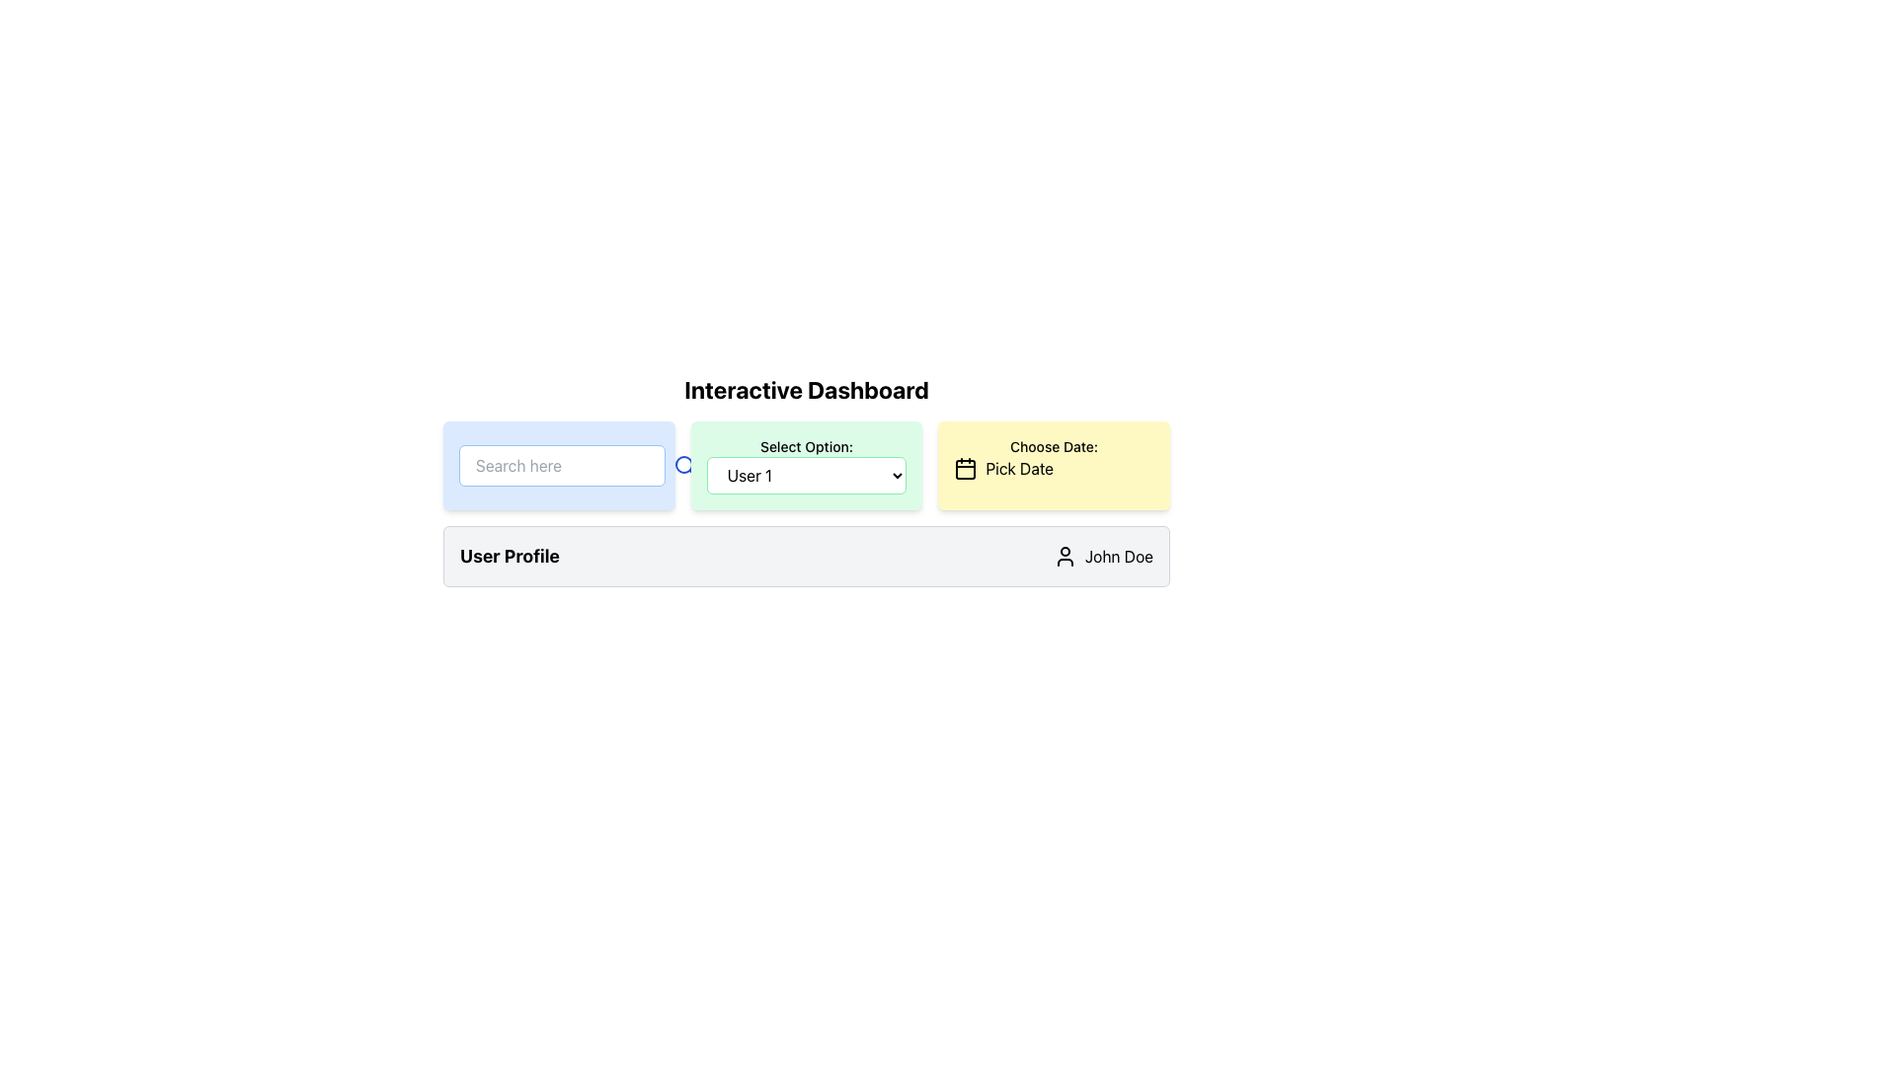 The image size is (1896, 1066). Describe the element at coordinates (685, 465) in the screenshot. I see `the search button located directly to the right of the 'Search here' input field` at that location.